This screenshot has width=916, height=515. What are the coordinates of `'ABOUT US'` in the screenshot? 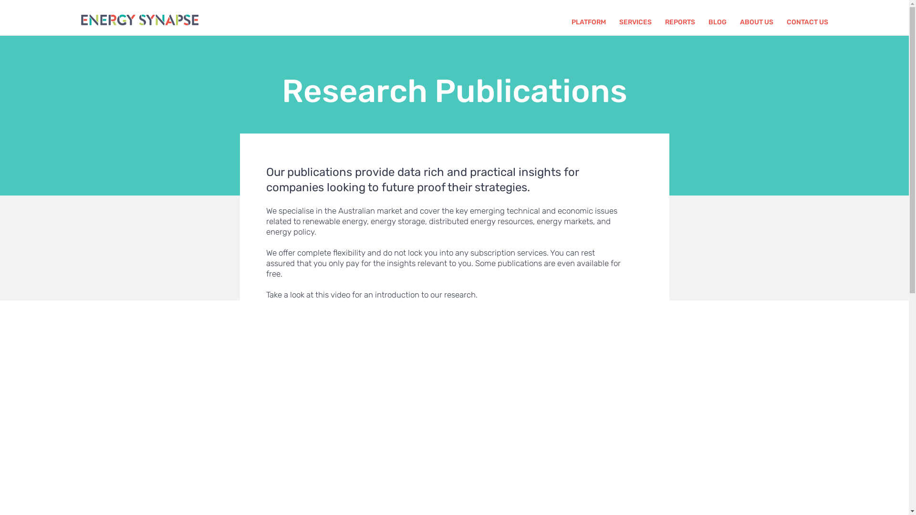 It's located at (739, 21).